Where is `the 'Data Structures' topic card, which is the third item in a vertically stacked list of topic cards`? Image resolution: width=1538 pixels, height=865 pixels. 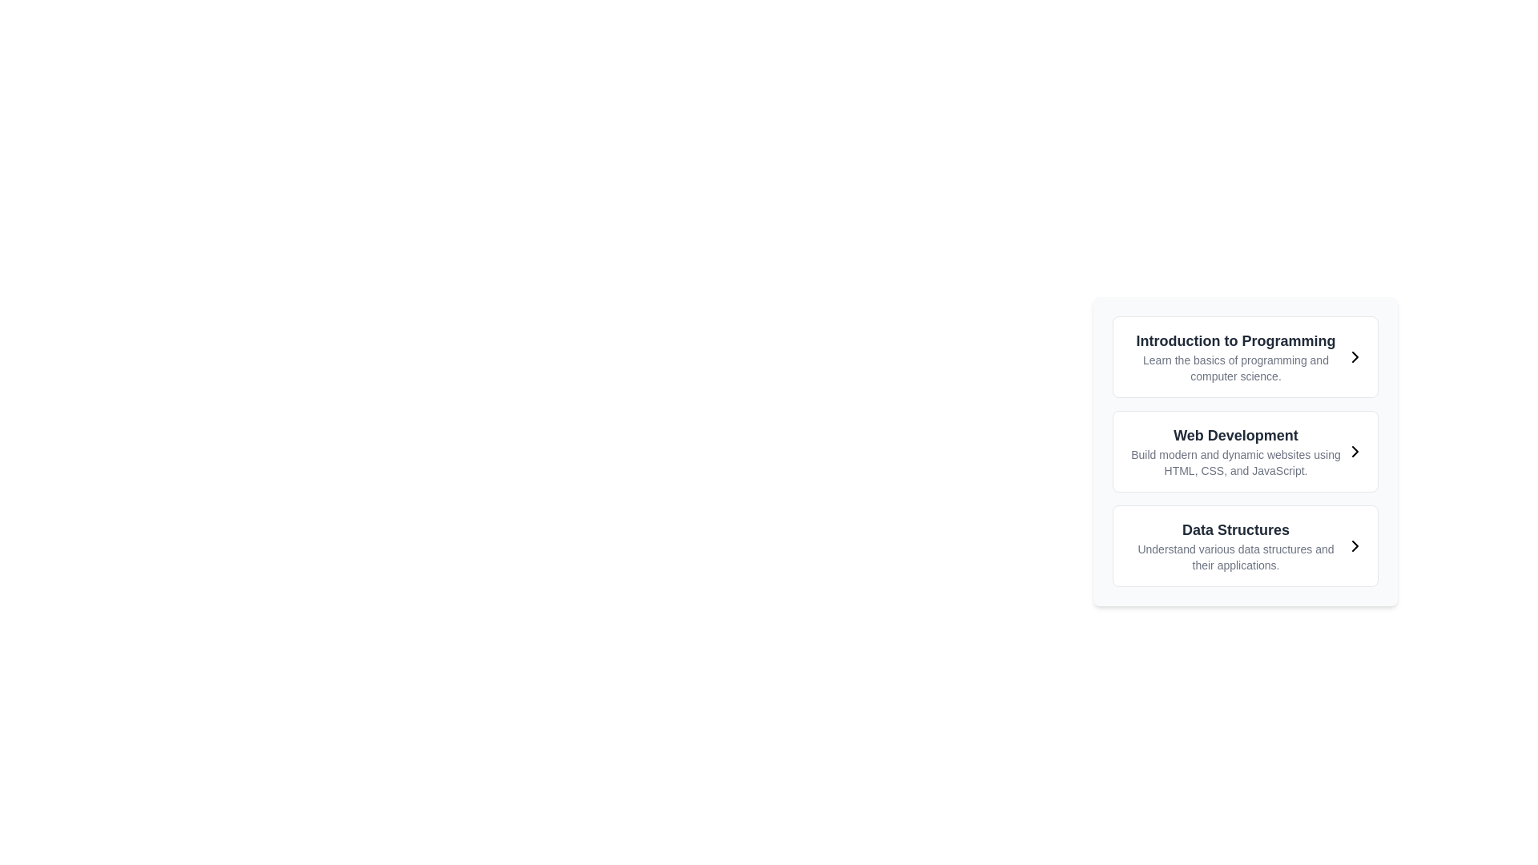
the 'Data Structures' topic card, which is the third item in a vertically stacked list of topic cards is located at coordinates (1245, 545).